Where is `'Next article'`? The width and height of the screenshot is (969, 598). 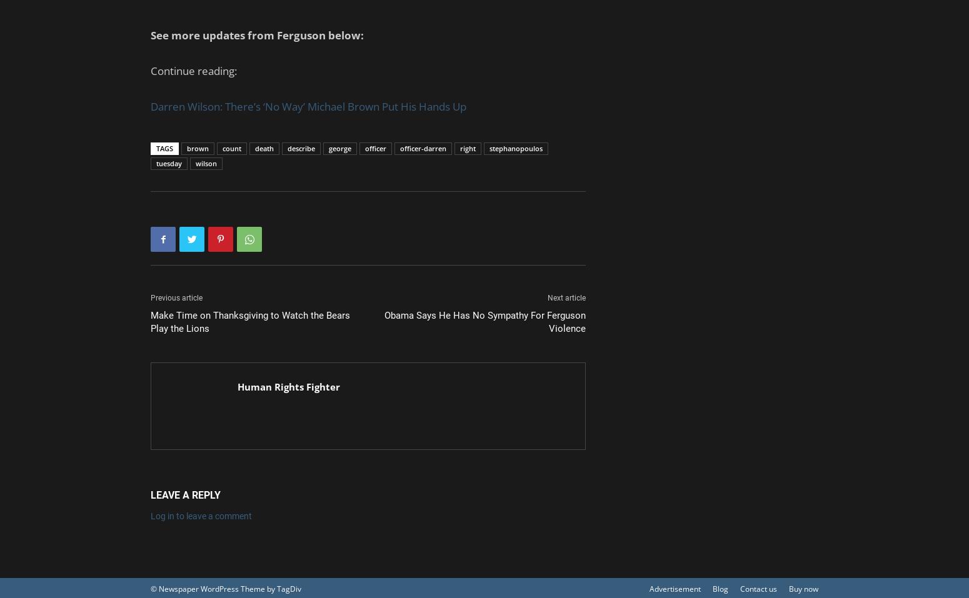 'Next article' is located at coordinates (566, 297).